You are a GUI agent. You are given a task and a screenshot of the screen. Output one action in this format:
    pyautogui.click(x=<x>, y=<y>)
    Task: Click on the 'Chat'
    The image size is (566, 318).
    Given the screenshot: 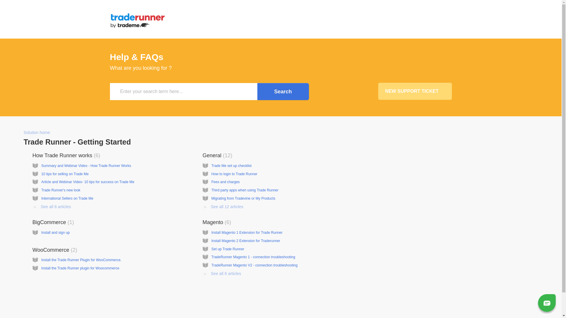 What is the action you would take?
    pyautogui.click(x=546, y=302)
    